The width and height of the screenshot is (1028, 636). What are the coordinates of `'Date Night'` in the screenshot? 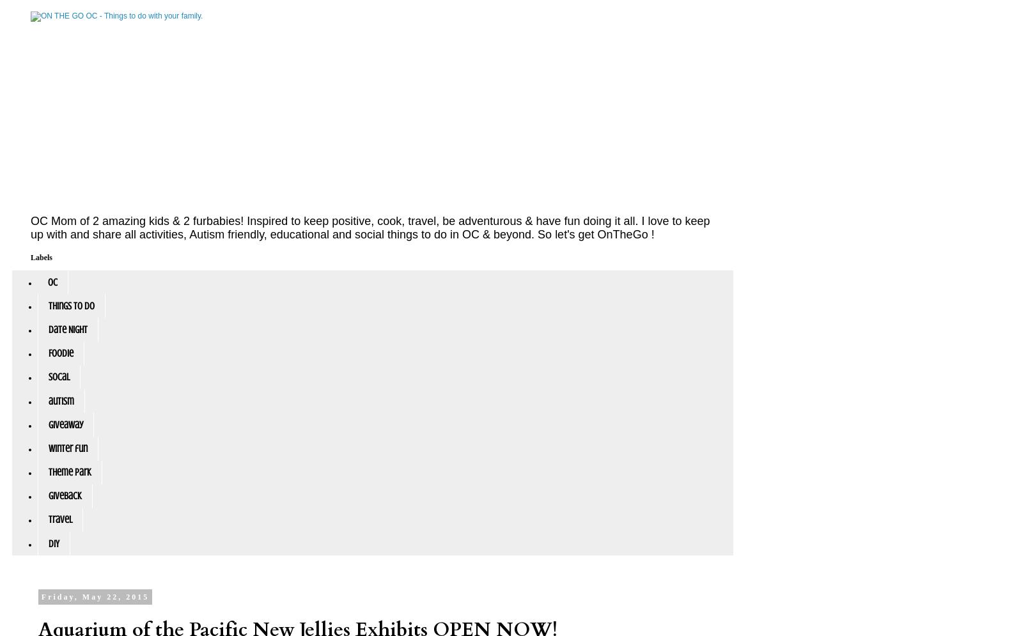 It's located at (68, 329).